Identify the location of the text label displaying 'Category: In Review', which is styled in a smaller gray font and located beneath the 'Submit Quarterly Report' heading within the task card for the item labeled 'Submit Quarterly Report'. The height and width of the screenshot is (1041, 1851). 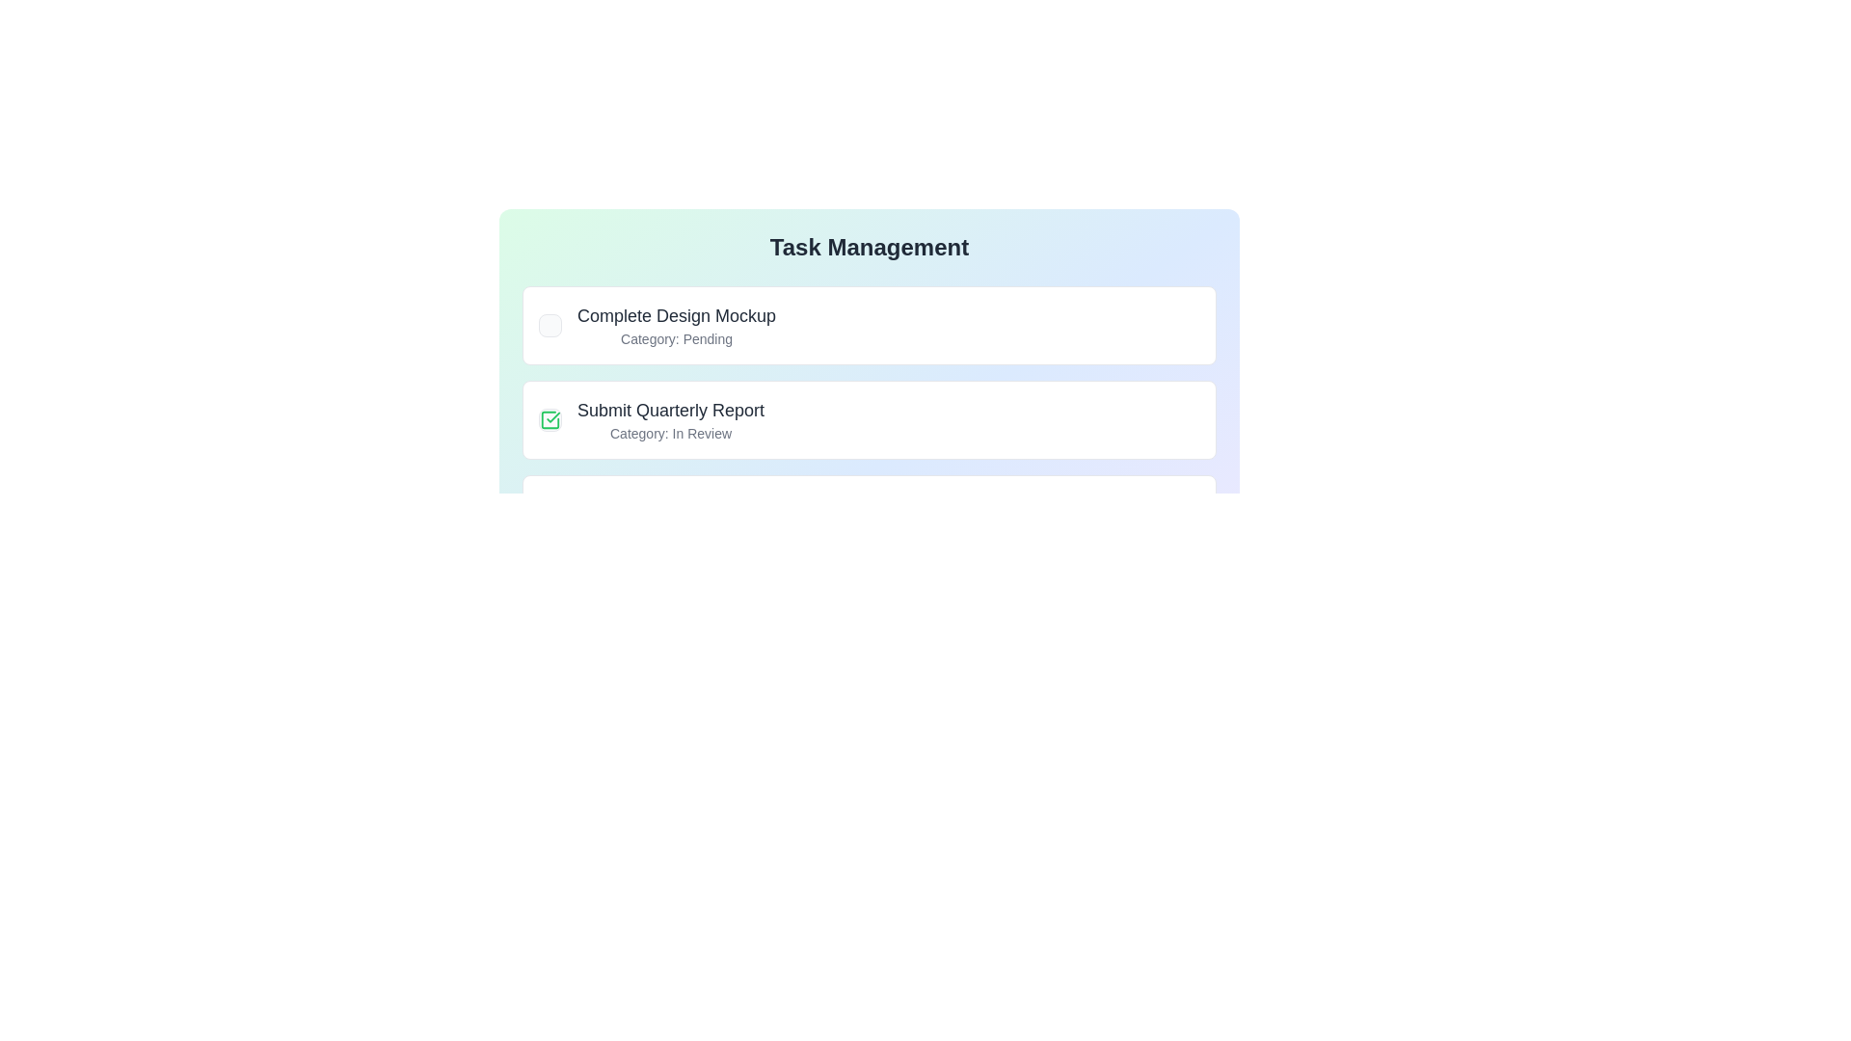
(671, 434).